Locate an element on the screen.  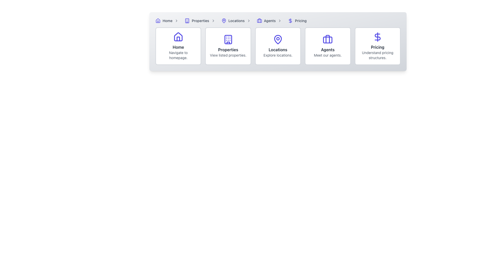
the pricing information label located at the center of the fifth card in a horizontally arranged set of cards is located at coordinates (377, 47).